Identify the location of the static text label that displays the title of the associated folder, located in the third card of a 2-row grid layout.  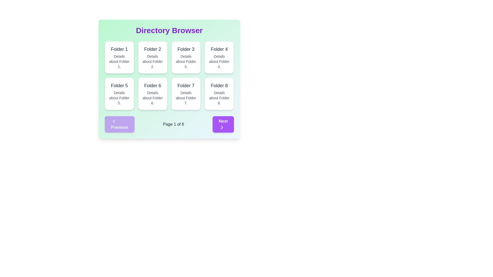
(186, 49).